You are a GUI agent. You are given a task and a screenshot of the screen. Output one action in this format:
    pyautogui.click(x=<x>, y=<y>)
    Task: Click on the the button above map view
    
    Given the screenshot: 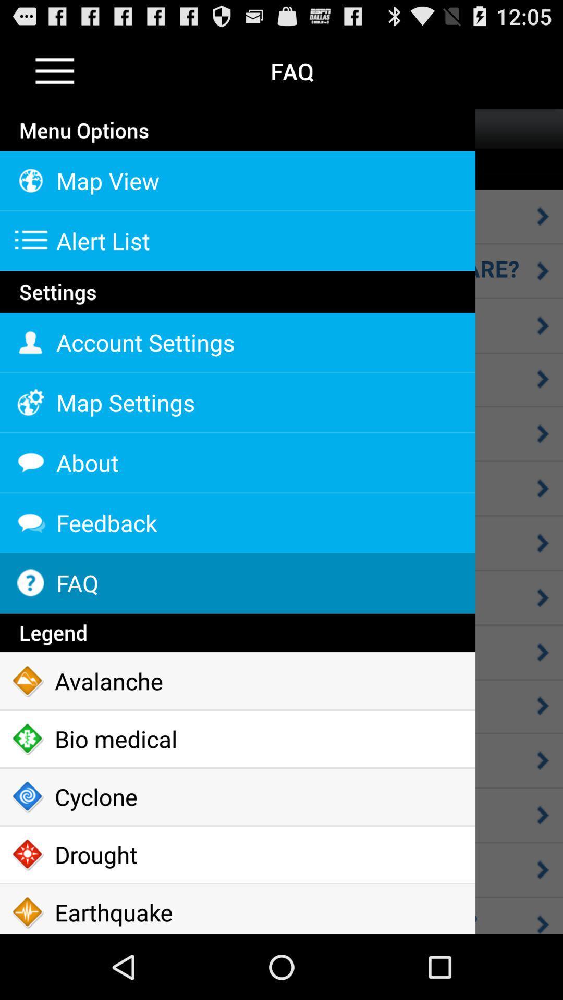 What is the action you would take?
    pyautogui.click(x=237, y=149)
    